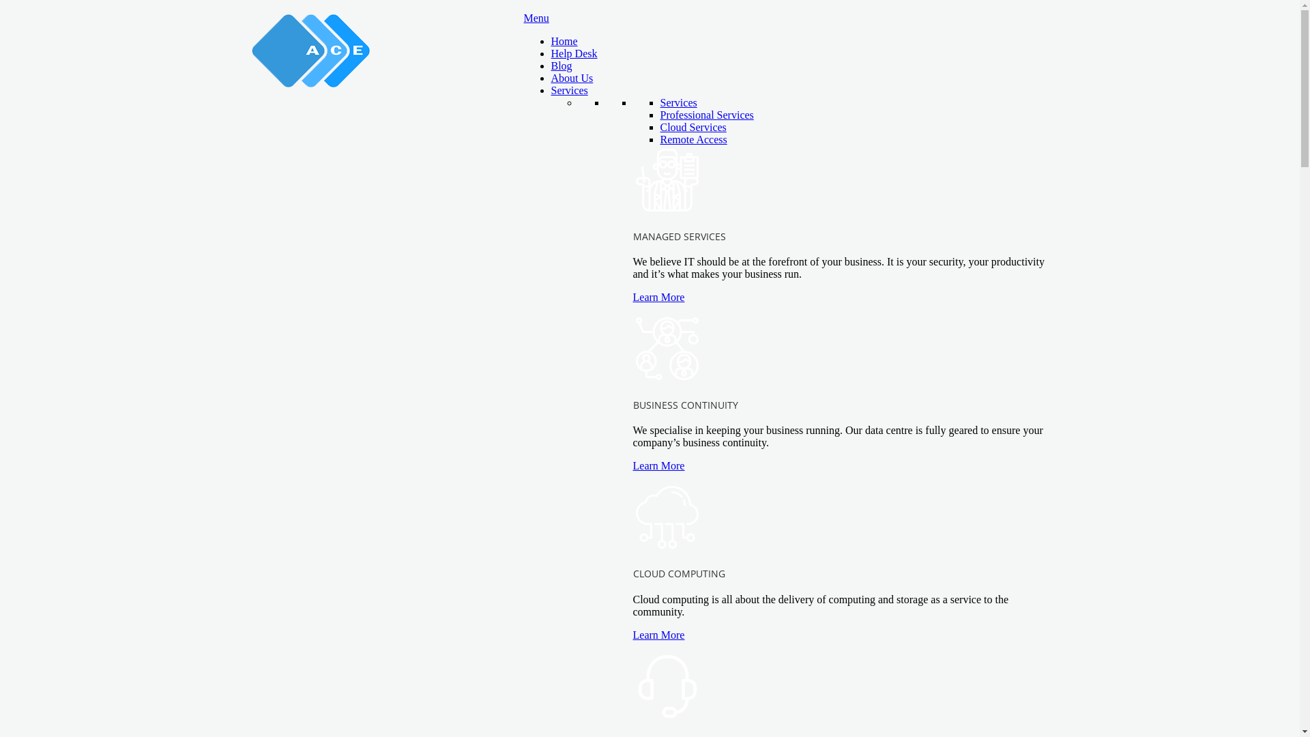 This screenshot has height=737, width=1310. What do you see at coordinates (632, 635) in the screenshot?
I see `'Learn More'` at bounding box center [632, 635].